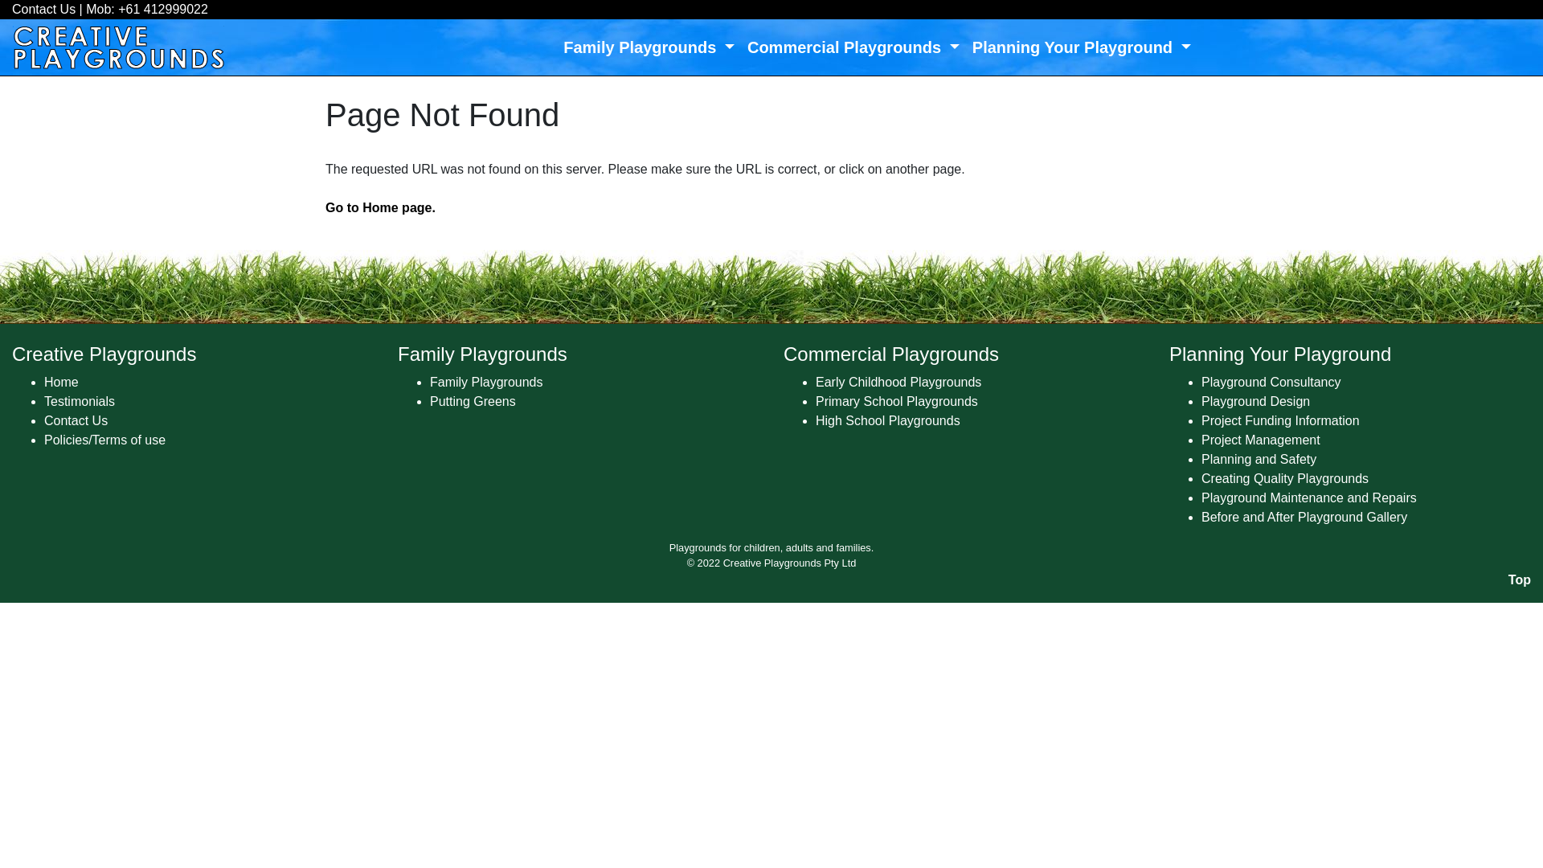 The width and height of the screenshot is (1543, 868). Describe the element at coordinates (1304, 517) in the screenshot. I see `'Before and After Playground Gallery'` at that location.